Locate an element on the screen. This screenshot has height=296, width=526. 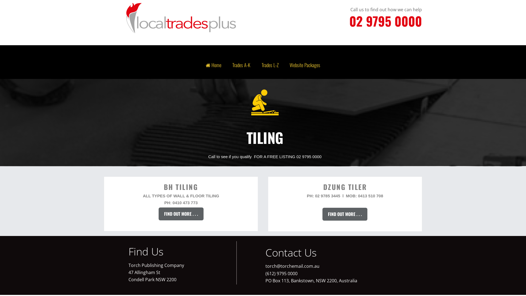
'(612) 9795 0000' is located at coordinates (281, 274).